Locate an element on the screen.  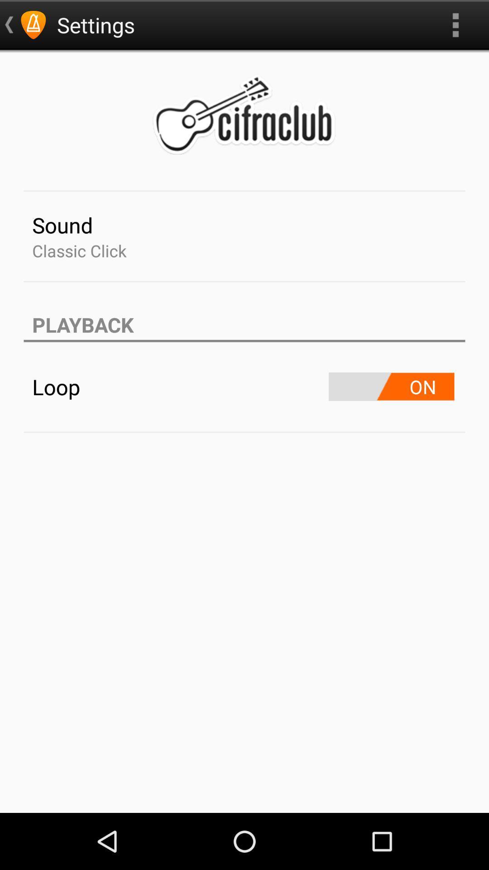
turn on is located at coordinates (391, 387).